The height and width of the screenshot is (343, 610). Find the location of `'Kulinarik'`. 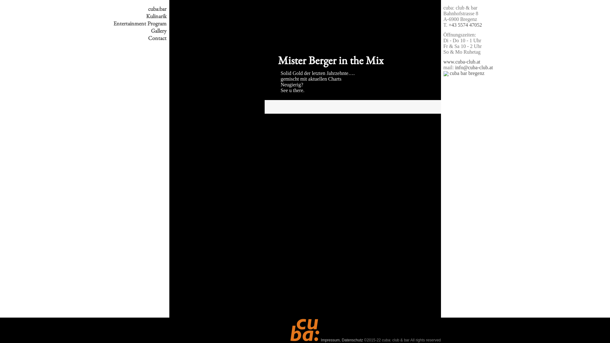

'Kulinarik' is located at coordinates (141, 16).